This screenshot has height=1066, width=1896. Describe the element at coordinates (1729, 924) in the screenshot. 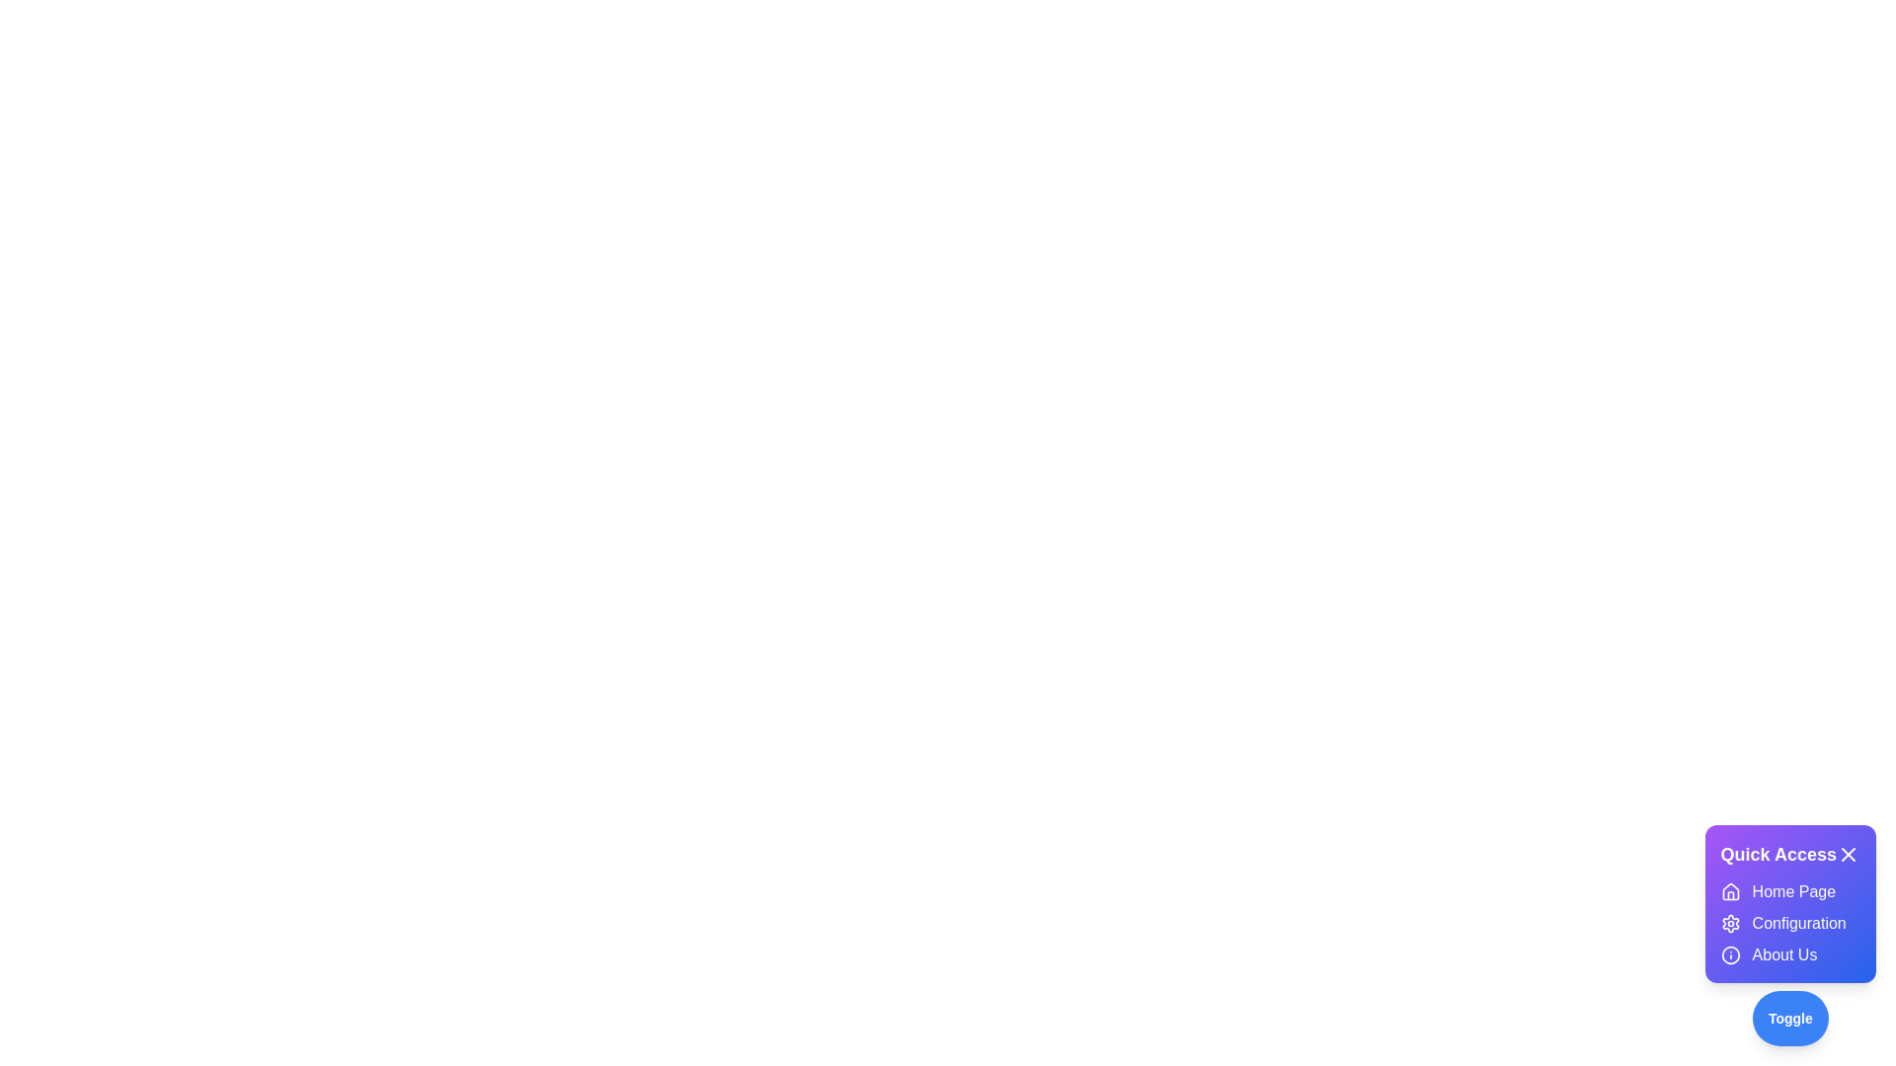

I see `the gear-like icon representing settings in the Quick Access panel, located near the 'Configuration' label` at that location.